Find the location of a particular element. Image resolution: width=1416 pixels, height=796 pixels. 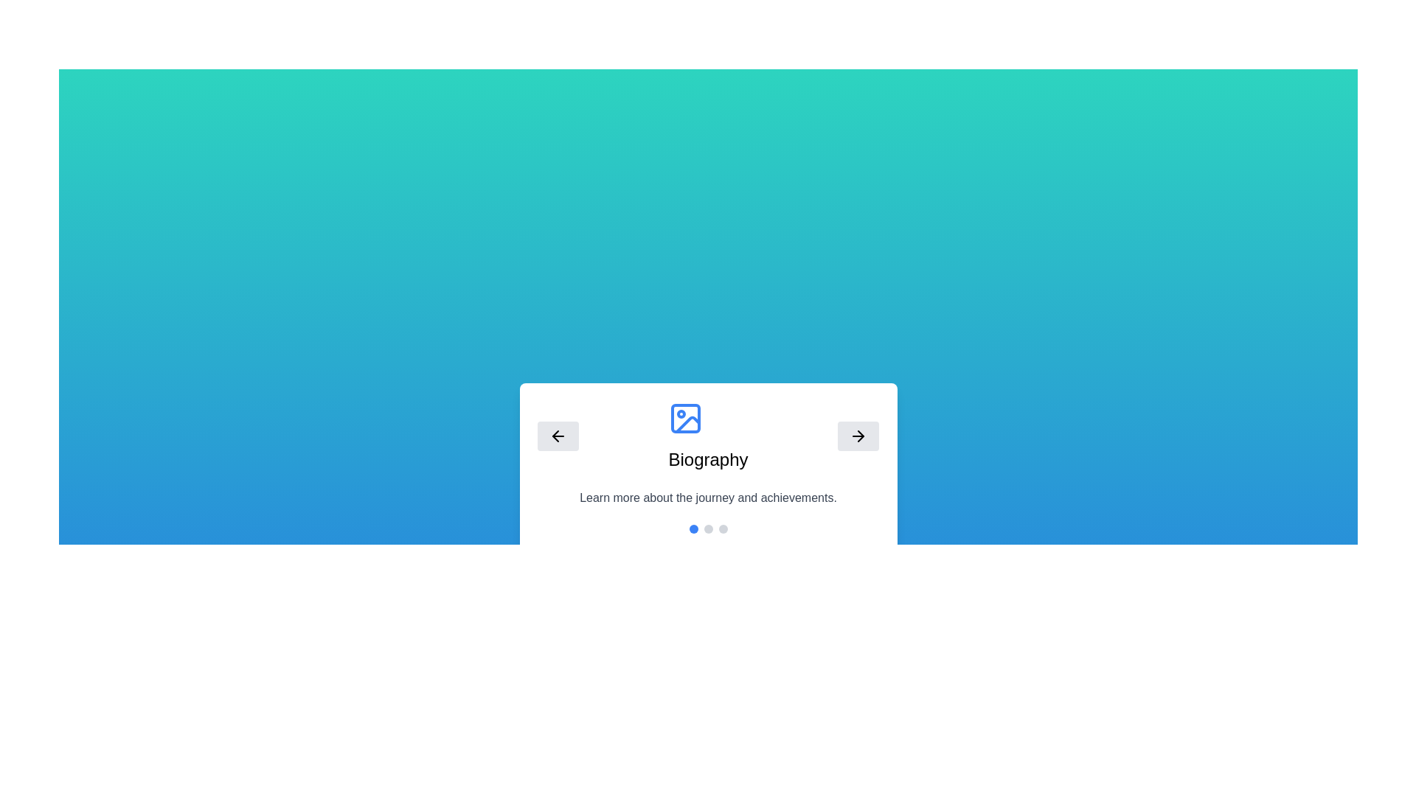

the stage indicator corresponding to 1 to navigate to that stage is located at coordinates (708, 528).